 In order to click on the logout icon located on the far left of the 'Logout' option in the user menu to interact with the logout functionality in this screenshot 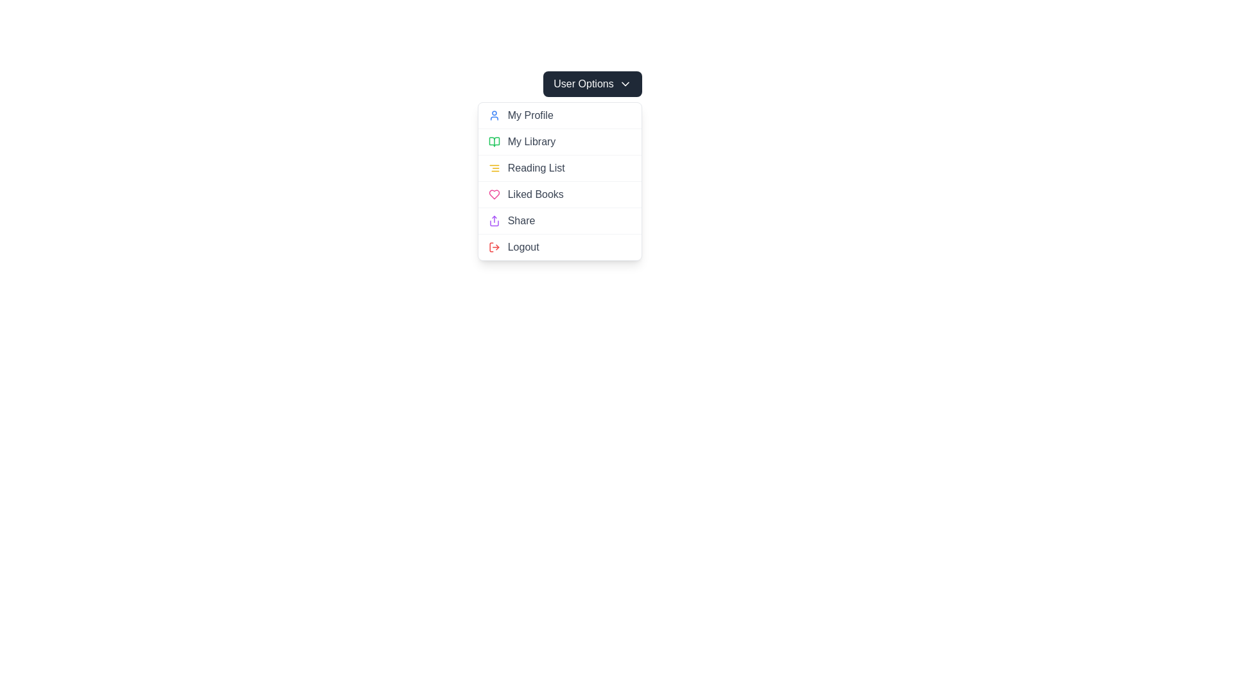, I will do `click(493, 247)`.